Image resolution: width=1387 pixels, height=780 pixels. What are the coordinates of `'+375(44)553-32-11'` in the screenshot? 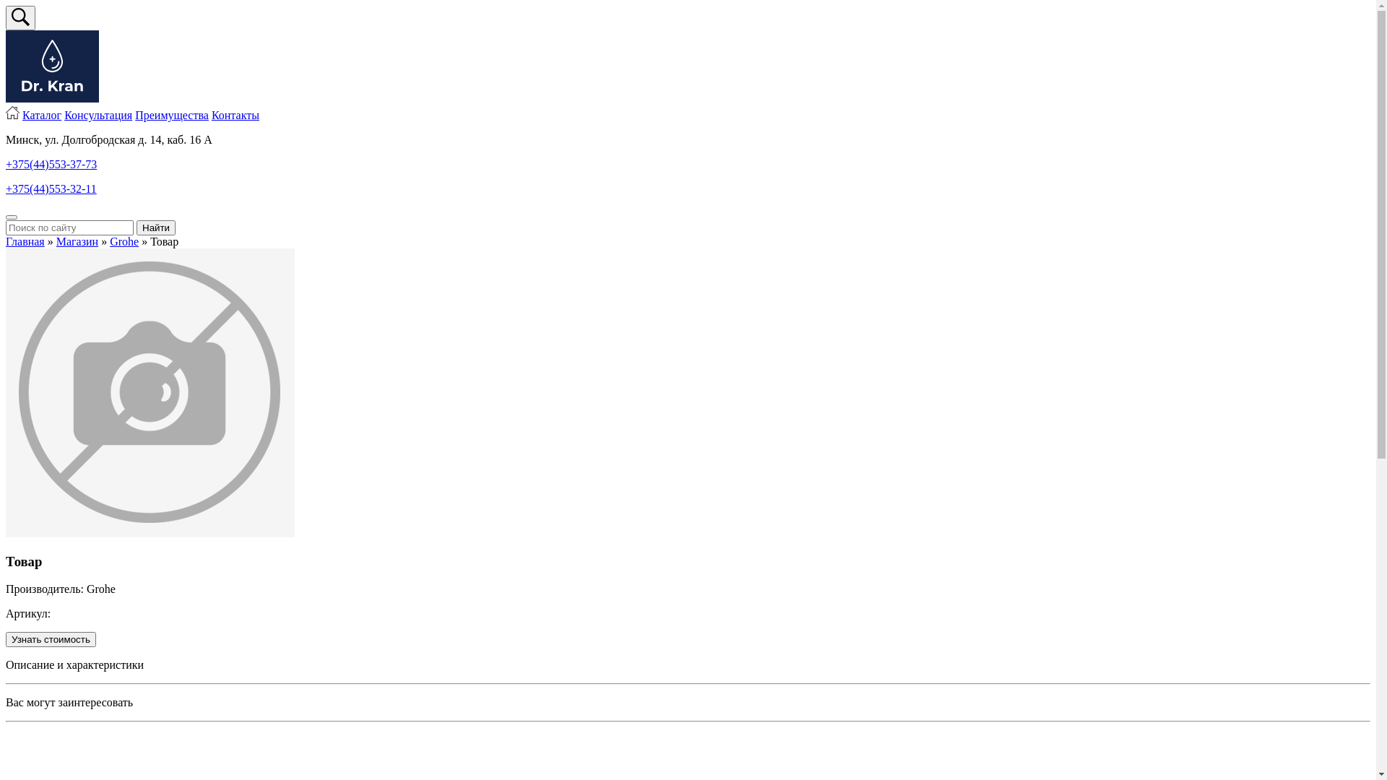 It's located at (51, 188).